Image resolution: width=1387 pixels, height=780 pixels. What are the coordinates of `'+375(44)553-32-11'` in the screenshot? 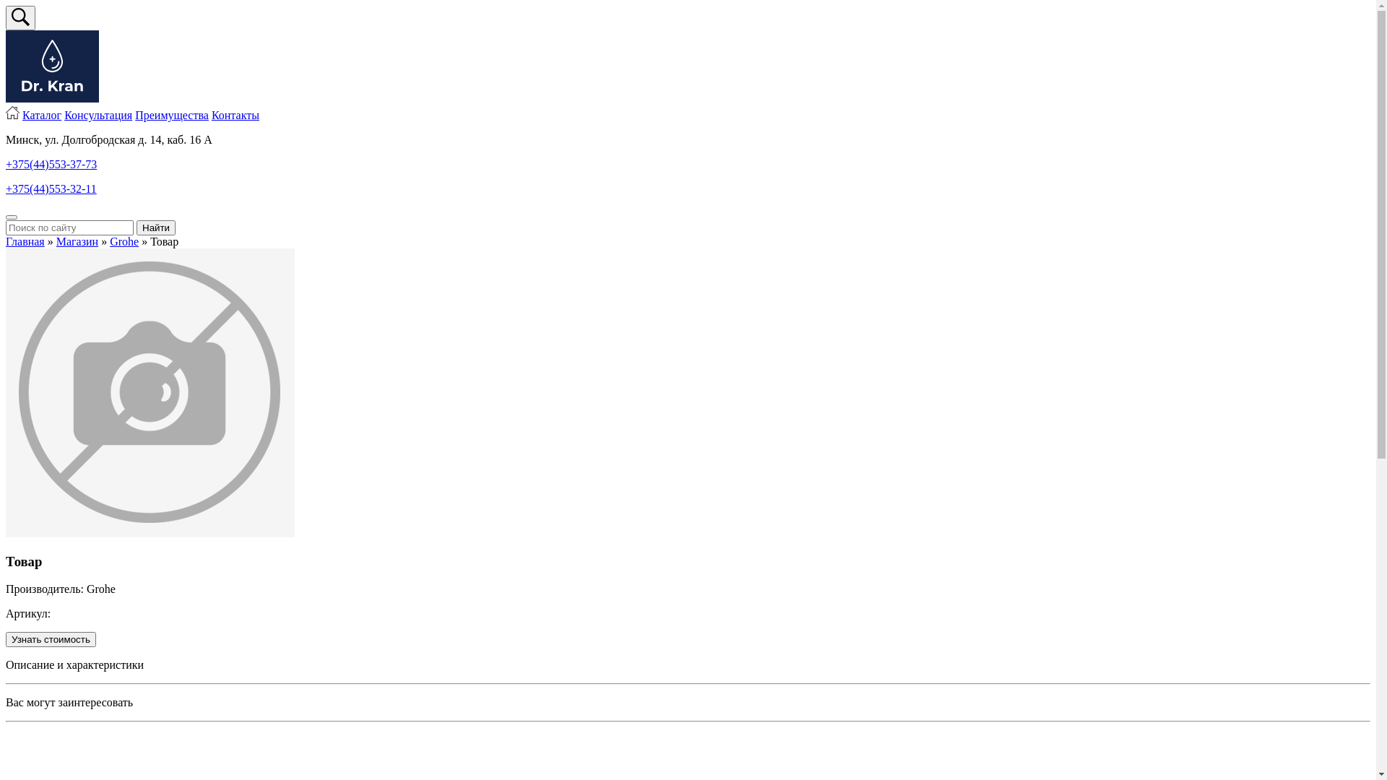 It's located at (51, 188).